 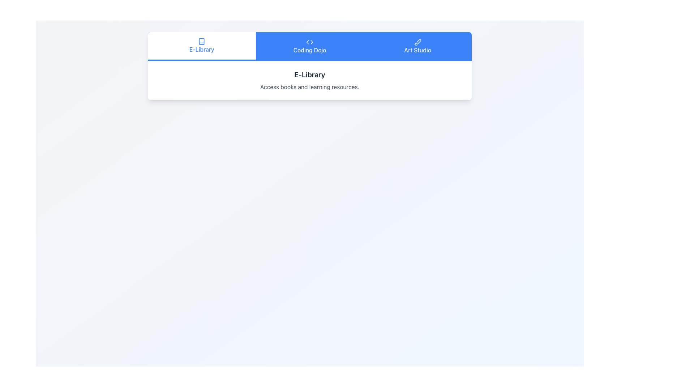 I want to click on to select the 'Coding Dojo' tab in the navigation menu, which features a coding symbol and is positioned at the center of the navigation bar, so click(x=310, y=46).